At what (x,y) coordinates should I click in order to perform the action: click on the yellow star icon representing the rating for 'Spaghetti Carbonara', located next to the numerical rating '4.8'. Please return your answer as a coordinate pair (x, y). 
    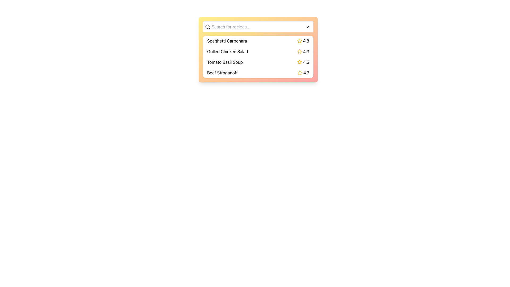
    Looking at the image, I should click on (299, 41).